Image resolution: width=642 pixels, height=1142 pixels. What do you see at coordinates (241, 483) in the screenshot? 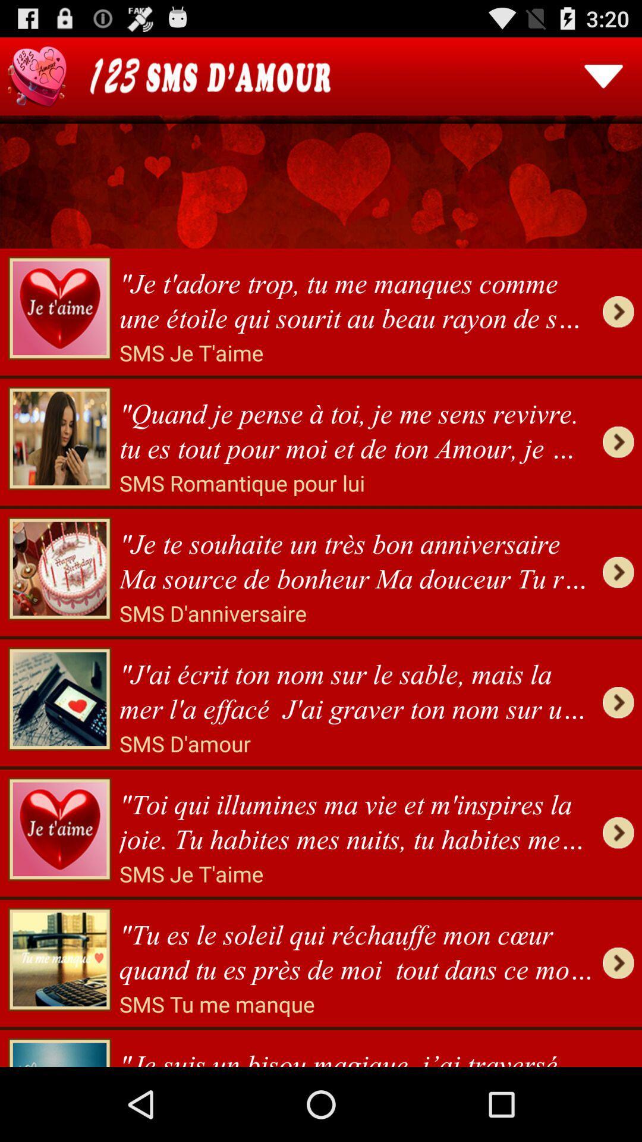
I see `icon above je te souhaite item` at bounding box center [241, 483].